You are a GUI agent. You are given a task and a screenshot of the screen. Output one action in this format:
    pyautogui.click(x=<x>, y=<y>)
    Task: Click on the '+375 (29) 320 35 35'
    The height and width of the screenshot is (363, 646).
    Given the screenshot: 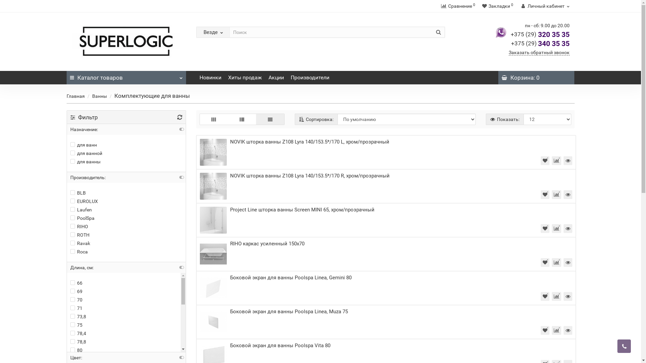 What is the action you would take?
    pyautogui.click(x=540, y=35)
    